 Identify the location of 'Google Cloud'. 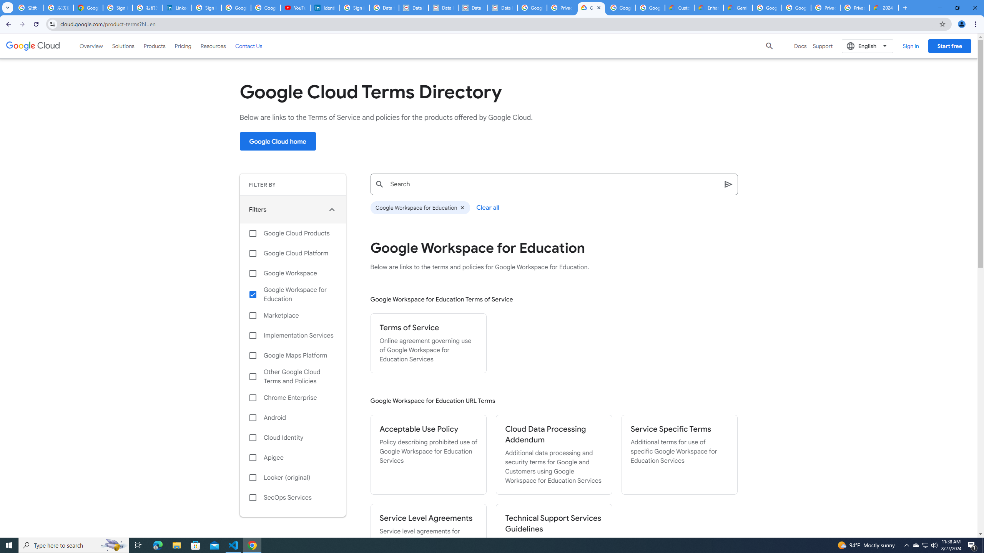
(33, 45).